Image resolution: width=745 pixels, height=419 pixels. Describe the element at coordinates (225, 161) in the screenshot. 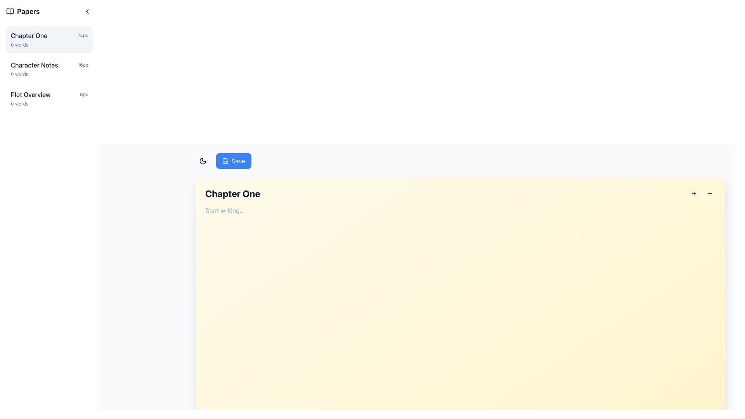

I see `the blue button labeled 'Save' that contains the floppy disk icon representing the save functionality` at that location.